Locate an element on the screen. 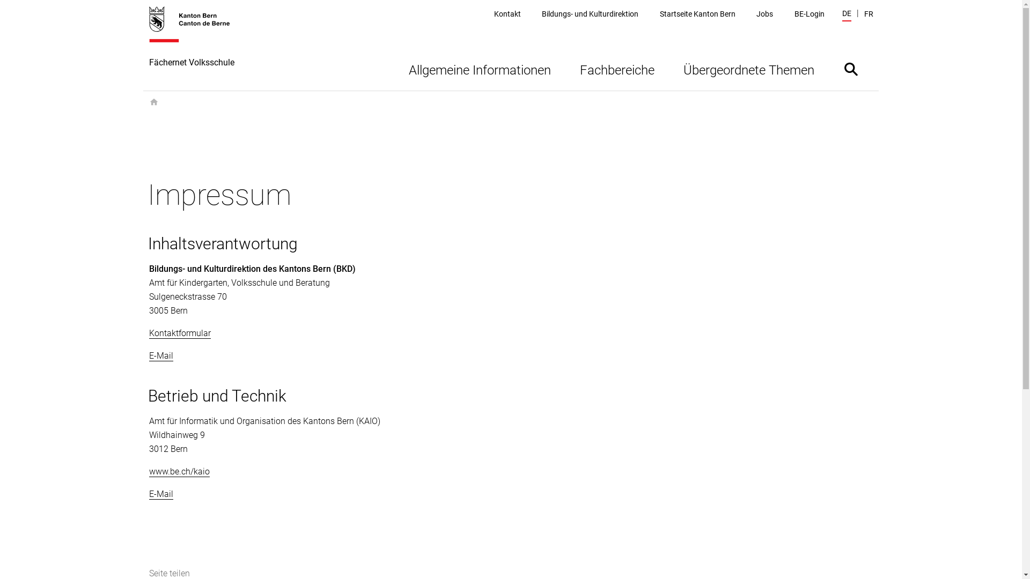 This screenshot has width=1030, height=579. 'Bildungs- und Kulturdirektion' is located at coordinates (541, 14).